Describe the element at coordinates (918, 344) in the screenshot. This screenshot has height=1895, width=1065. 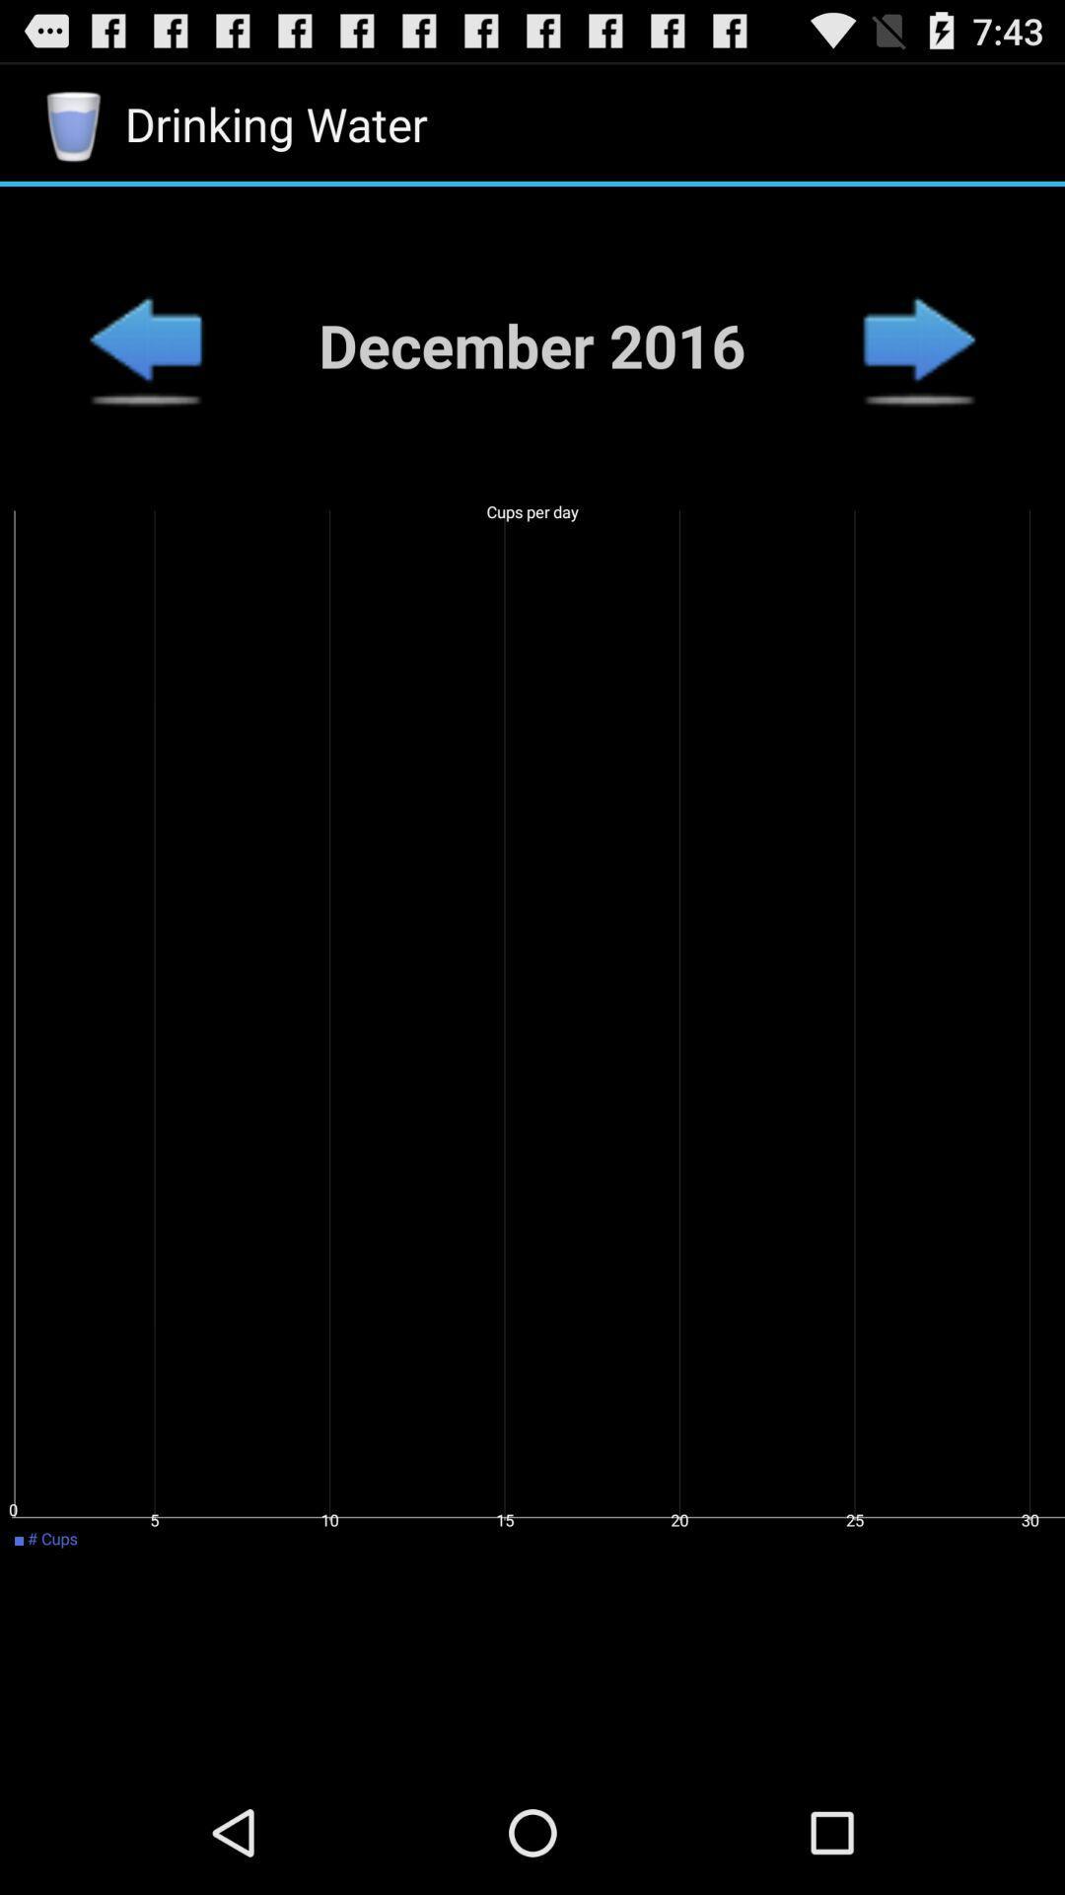
I see `go next` at that location.